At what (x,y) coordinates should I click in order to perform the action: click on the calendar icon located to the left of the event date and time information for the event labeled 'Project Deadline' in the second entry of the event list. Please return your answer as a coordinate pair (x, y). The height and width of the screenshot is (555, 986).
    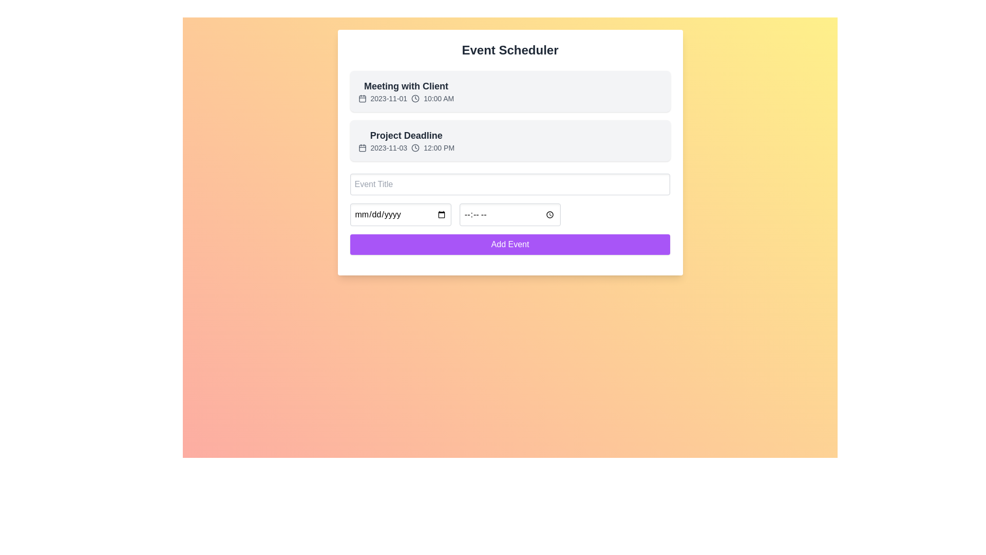
    Looking at the image, I should click on (362, 148).